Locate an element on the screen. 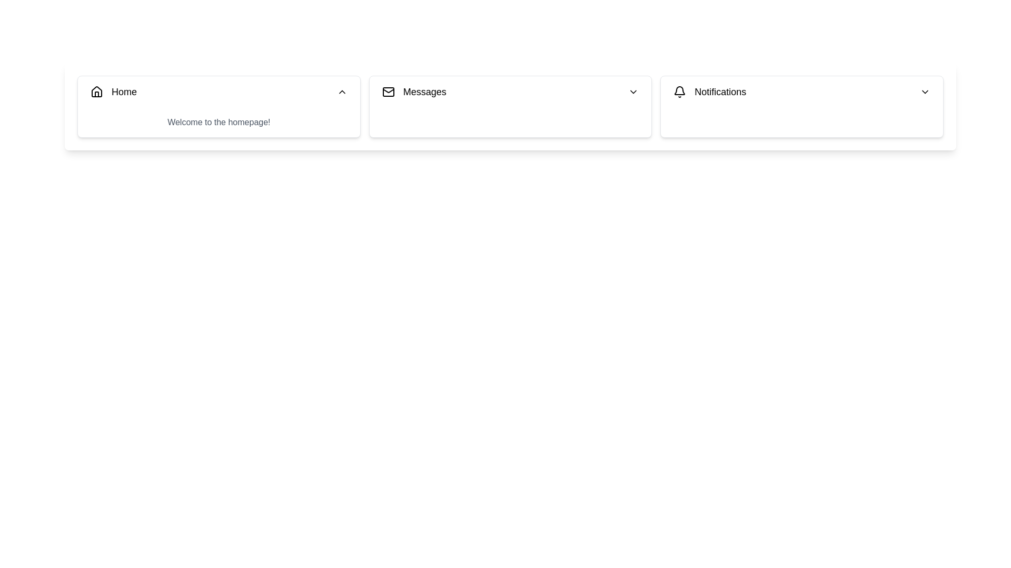  the 'Notifications' button located at the top-right corner of the grid layout is located at coordinates (801, 107).